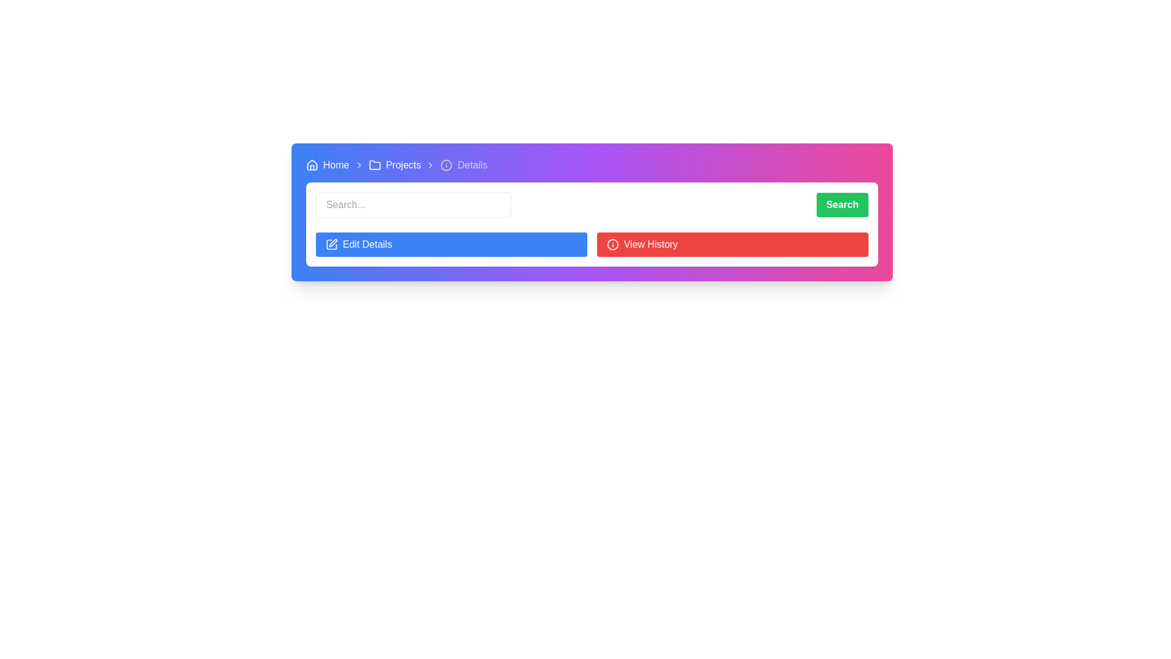 This screenshot has height=659, width=1171. I want to click on the SVG icon located to the left of the 'Details' text label in the breadcrumb navigation bar, so click(446, 165).